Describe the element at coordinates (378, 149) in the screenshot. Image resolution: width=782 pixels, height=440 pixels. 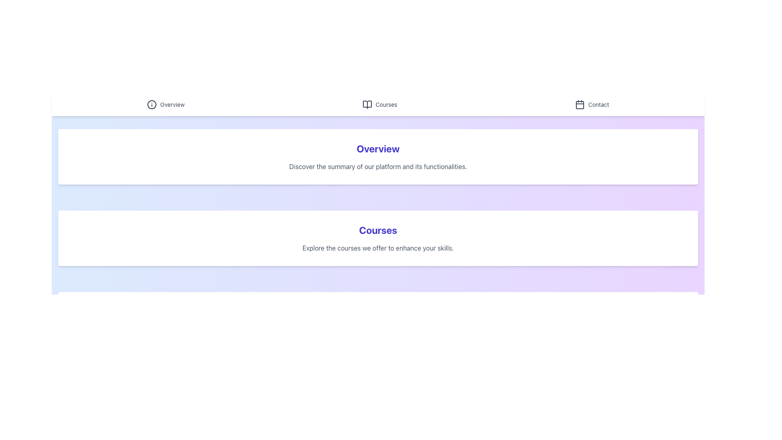
I see `the text of the 'Overview' heading, which is located at the top of a white, rounded rectangle section with shadow effects` at that location.